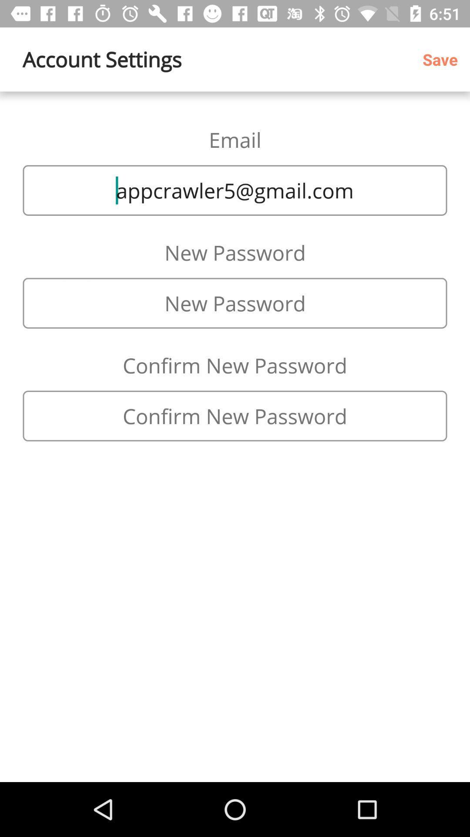 The image size is (470, 837). What do you see at coordinates (235, 415) in the screenshot?
I see `type new password` at bounding box center [235, 415].